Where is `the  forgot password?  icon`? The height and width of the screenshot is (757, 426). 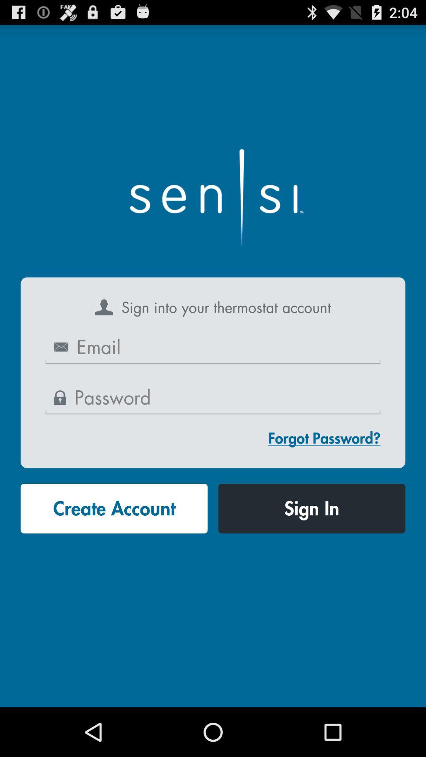 the  forgot password?  icon is located at coordinates (324, 438).